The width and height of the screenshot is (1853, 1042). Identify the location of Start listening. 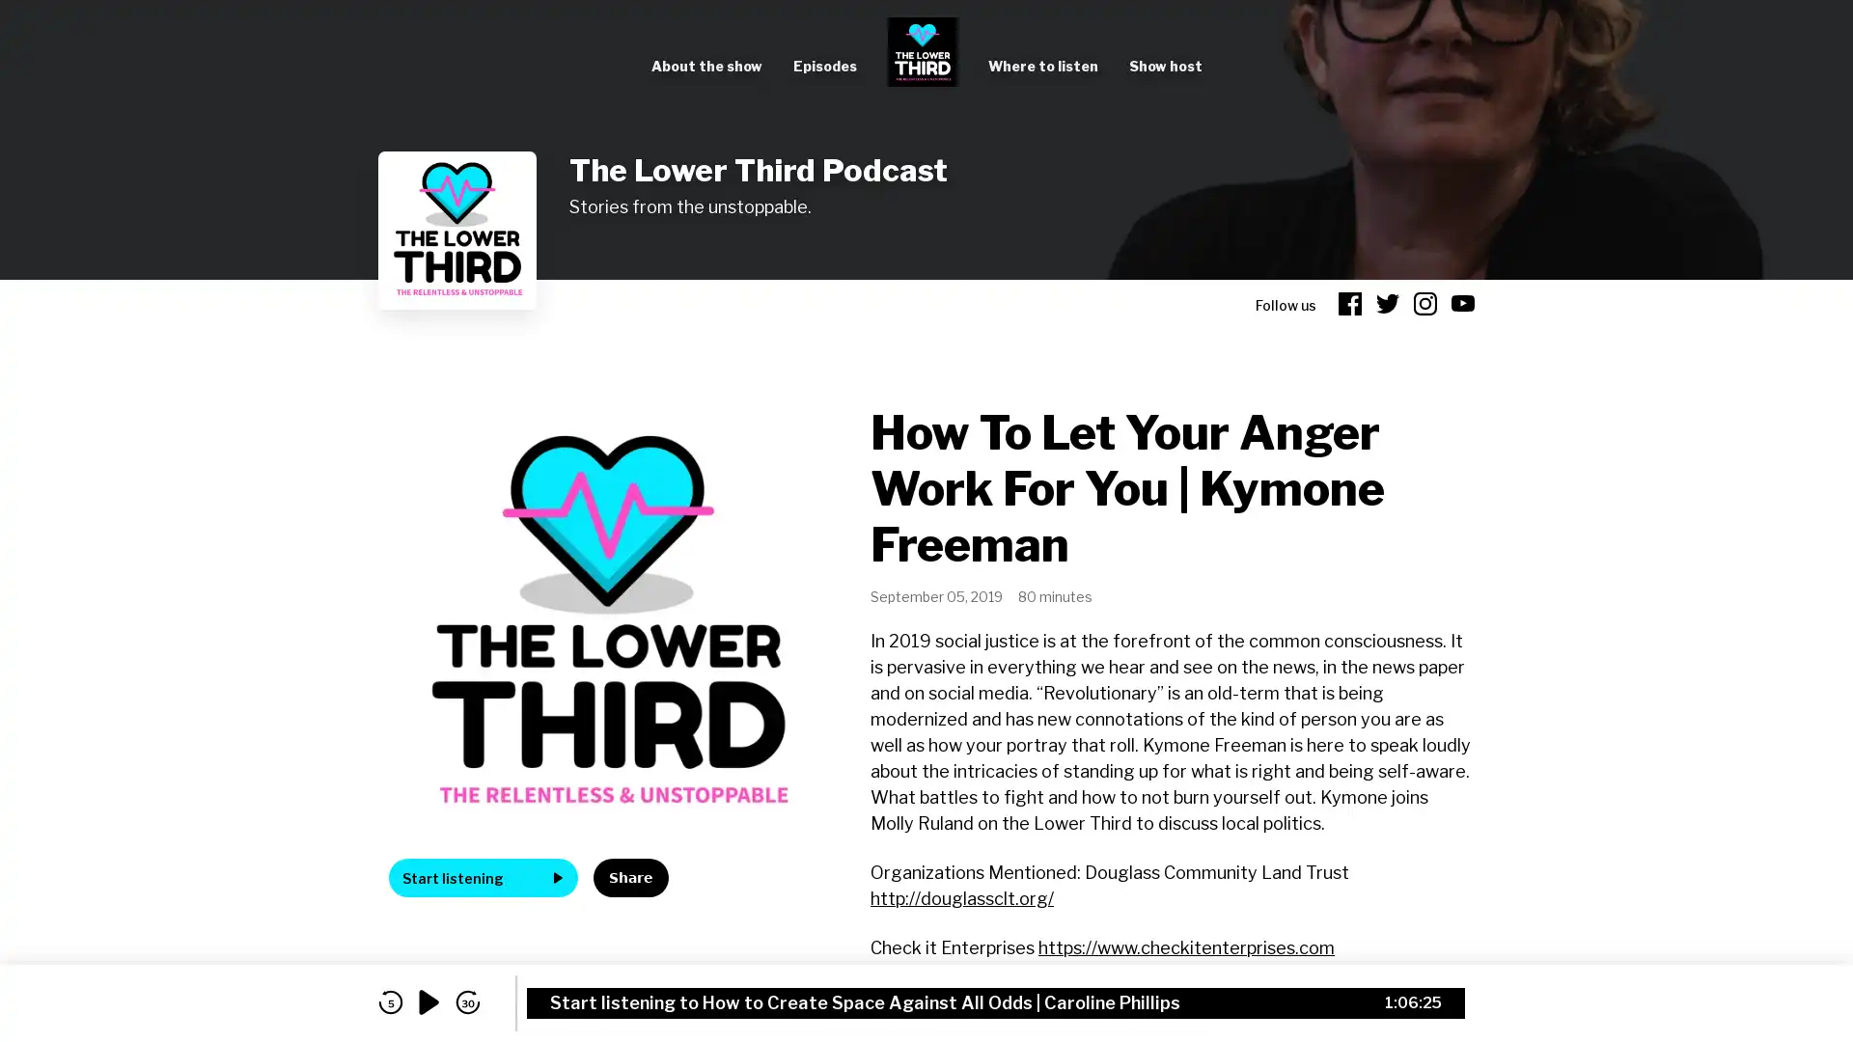
(483, 878).